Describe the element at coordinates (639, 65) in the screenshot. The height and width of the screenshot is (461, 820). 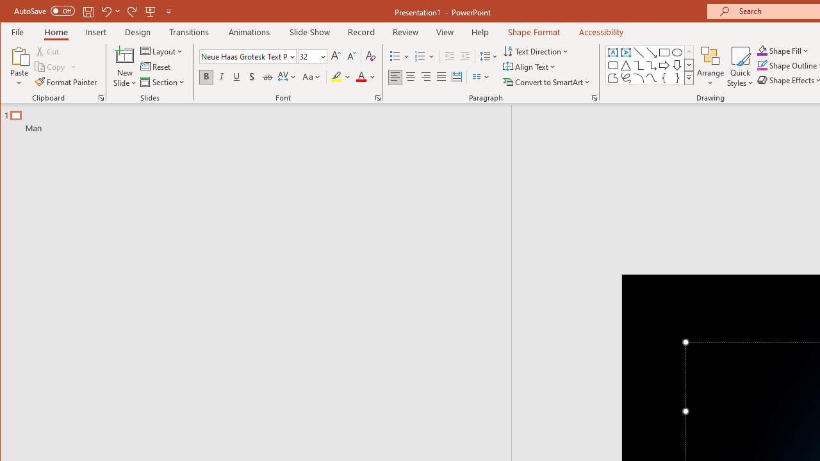
I see `'Connector: Elbow'` at that location.